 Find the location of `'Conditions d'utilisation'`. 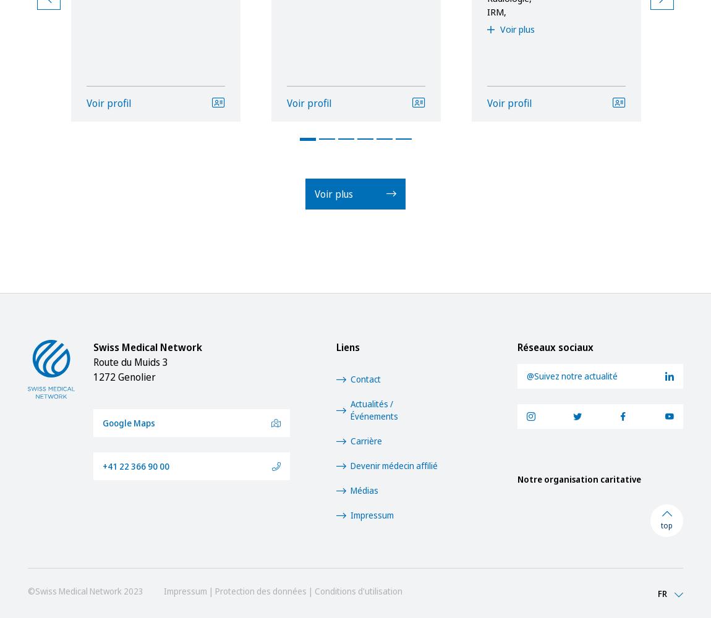

'Conditions d'utilisation' is located at coordinates (357, 590).